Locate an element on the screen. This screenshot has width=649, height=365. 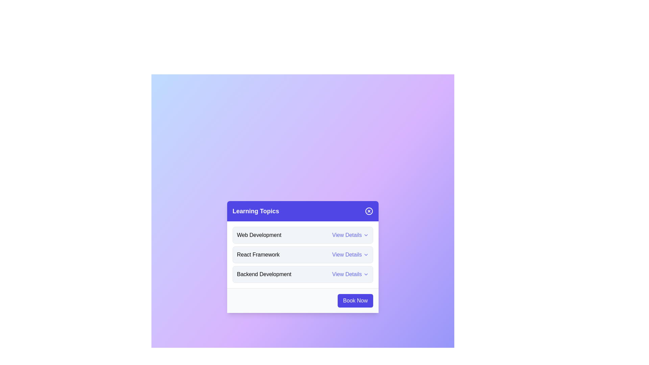
the 'View Details' button for Web Development is located at coordinates (350, 235).